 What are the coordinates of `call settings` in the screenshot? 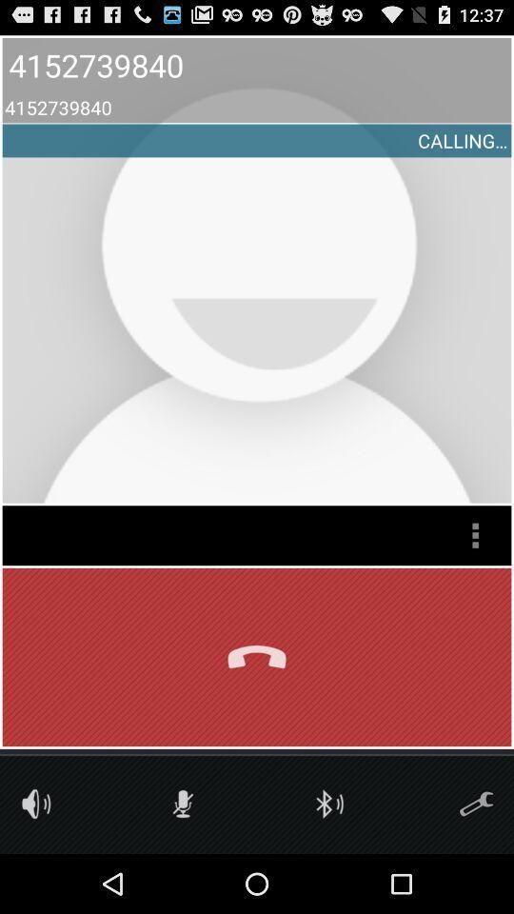 It's located at (475, 803).